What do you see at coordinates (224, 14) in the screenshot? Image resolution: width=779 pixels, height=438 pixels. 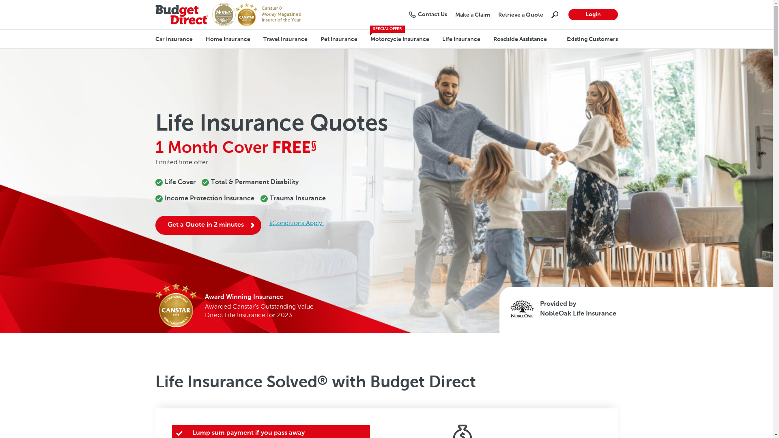 I see `'Money Magazine's Insurer of the Year 2023'` at bounding box center [224, 14].